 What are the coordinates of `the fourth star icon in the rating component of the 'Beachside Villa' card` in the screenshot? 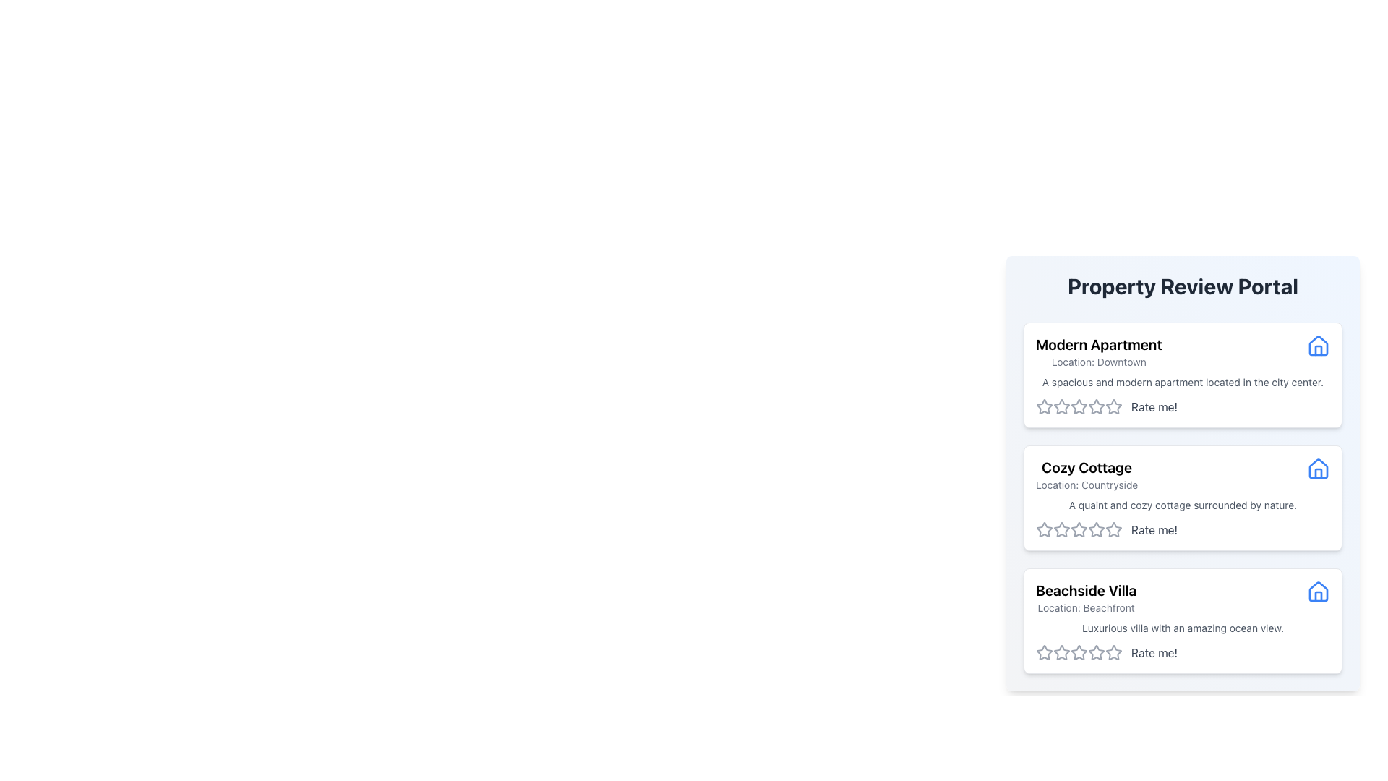 It's located at (1079, 652).